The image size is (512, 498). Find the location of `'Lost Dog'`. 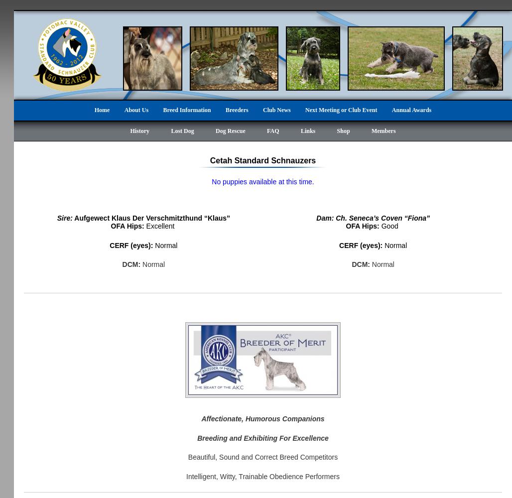

'Lost Dog' is located at coordinates (181, 131).